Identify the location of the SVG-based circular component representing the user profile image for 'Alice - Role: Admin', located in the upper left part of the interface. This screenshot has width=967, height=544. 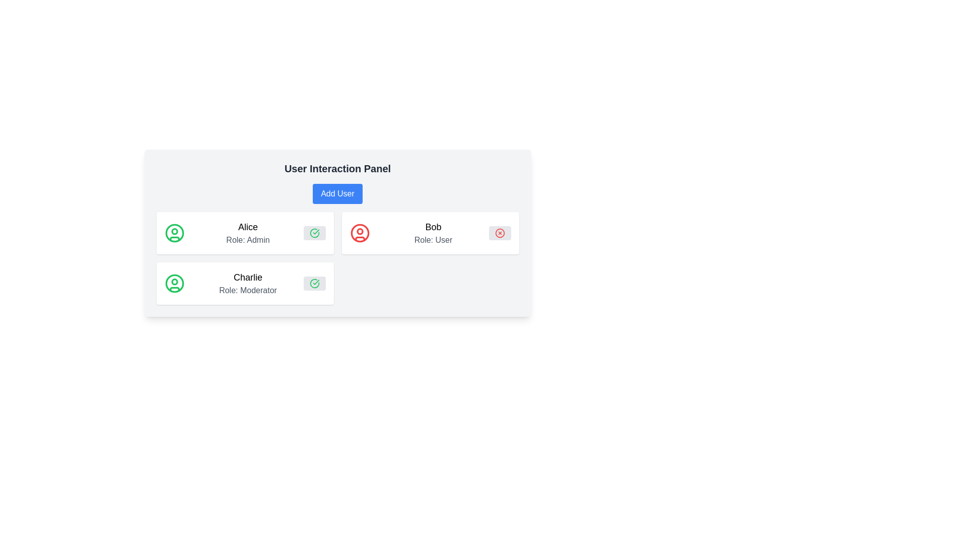
(174, 231).